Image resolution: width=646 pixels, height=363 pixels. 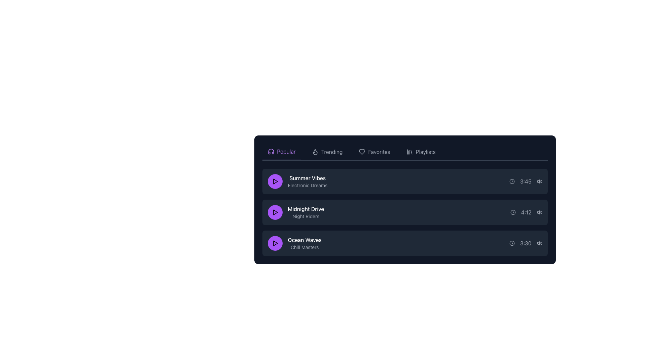 I want to click on the mute indicator icon located to the right end of the first track item in the list, adjacent to the duration indicator displaying '3:45', so click(x=538, y=182).